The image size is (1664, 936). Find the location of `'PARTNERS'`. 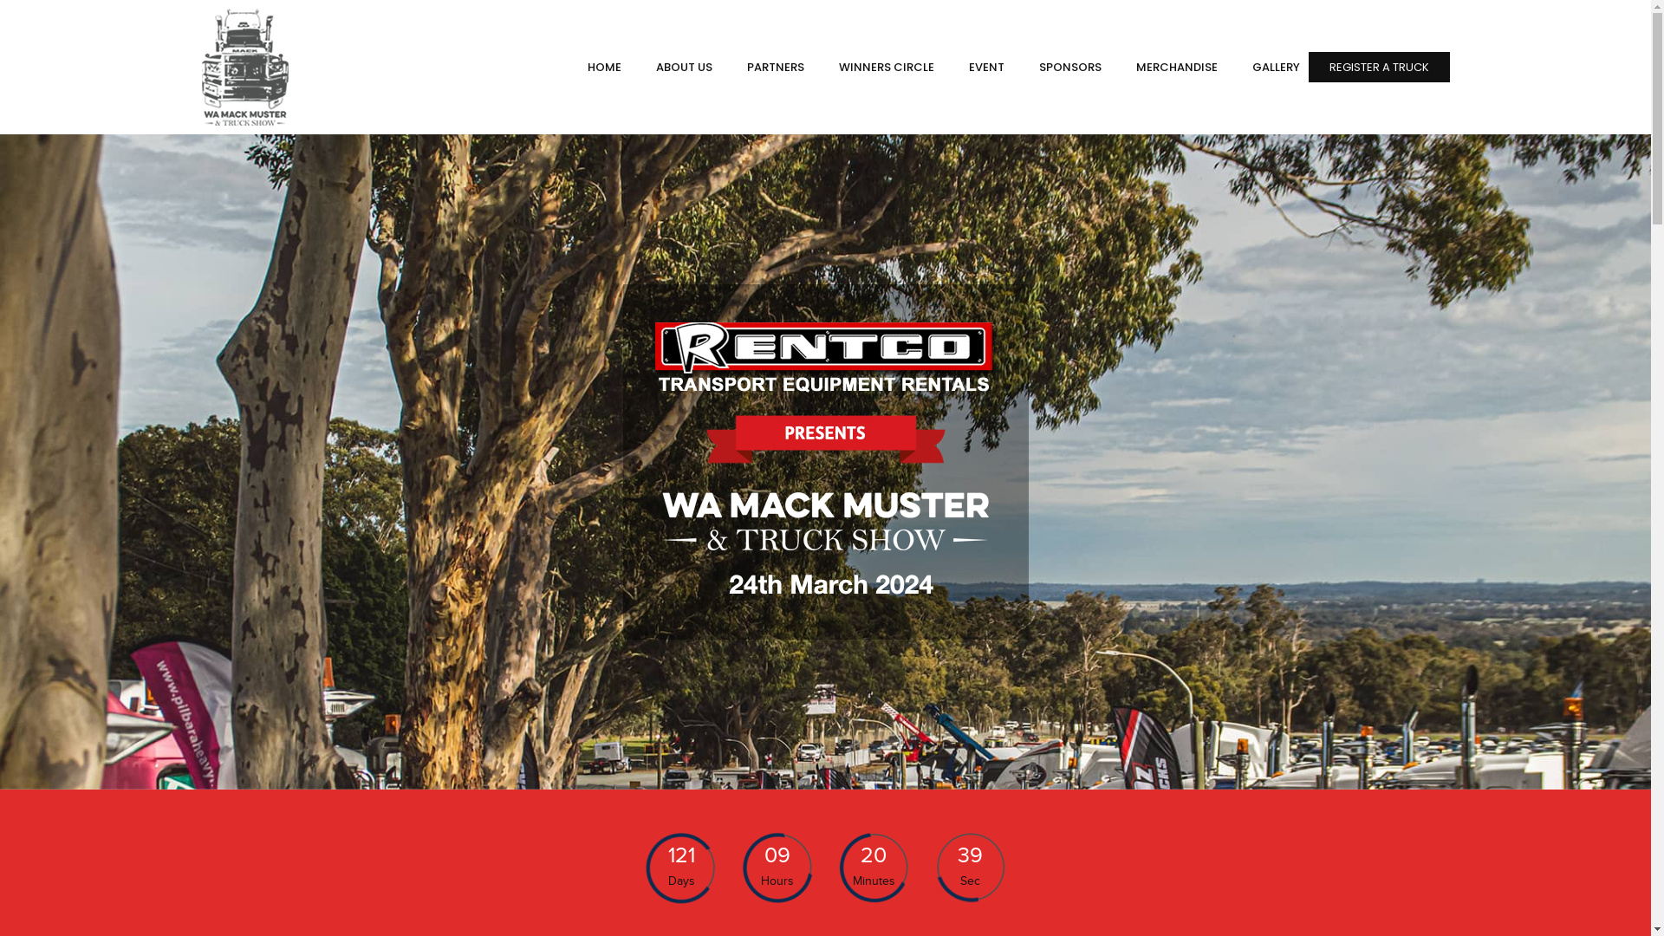

'PARTNERS' is located at coordinates (765, 66).